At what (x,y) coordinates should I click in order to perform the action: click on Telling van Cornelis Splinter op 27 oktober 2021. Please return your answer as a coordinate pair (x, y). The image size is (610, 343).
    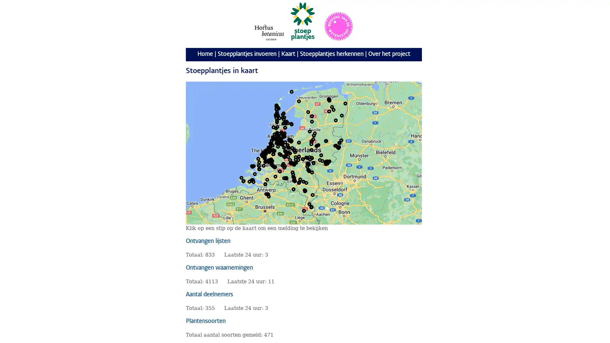
    Looking at the image, I should click on (281, 140).